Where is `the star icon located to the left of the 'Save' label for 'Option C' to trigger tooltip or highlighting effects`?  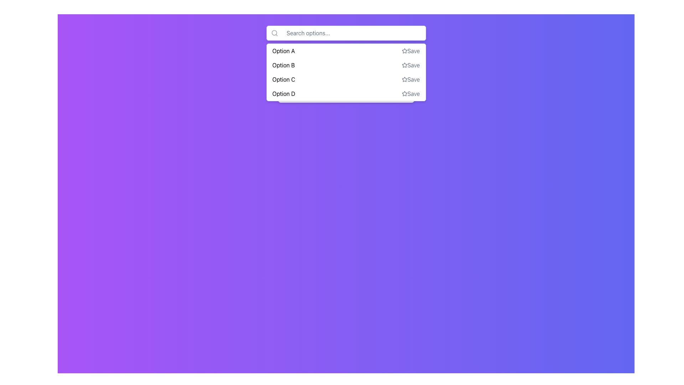
the star icon located to the left of the 'Save' label for 'Option C' to trigger tooltip or highlighting effects is located at coordinates (404, 79).